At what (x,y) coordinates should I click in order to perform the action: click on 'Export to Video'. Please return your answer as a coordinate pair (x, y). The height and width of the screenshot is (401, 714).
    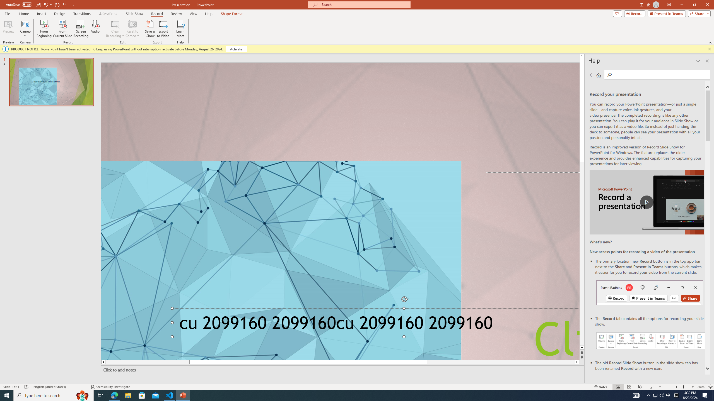
    Looking at the image, I should click on (163, 29).